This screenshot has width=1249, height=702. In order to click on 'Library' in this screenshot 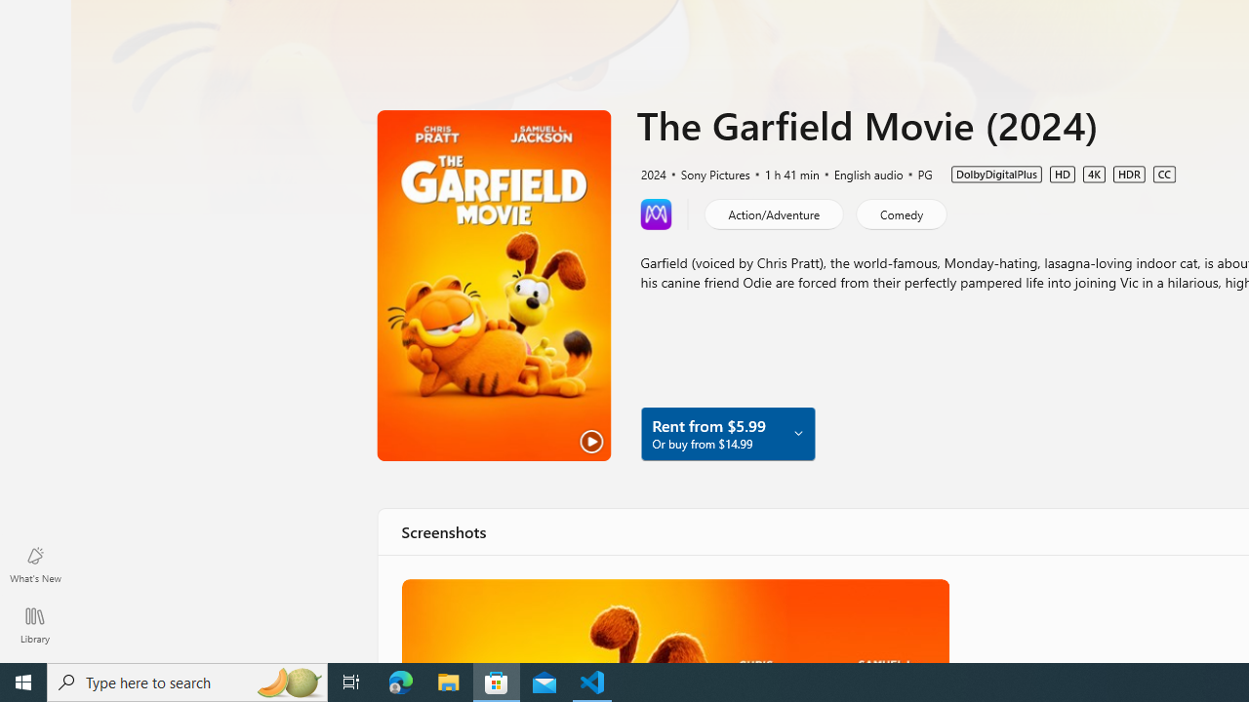, I will do `click(34, 624)`.